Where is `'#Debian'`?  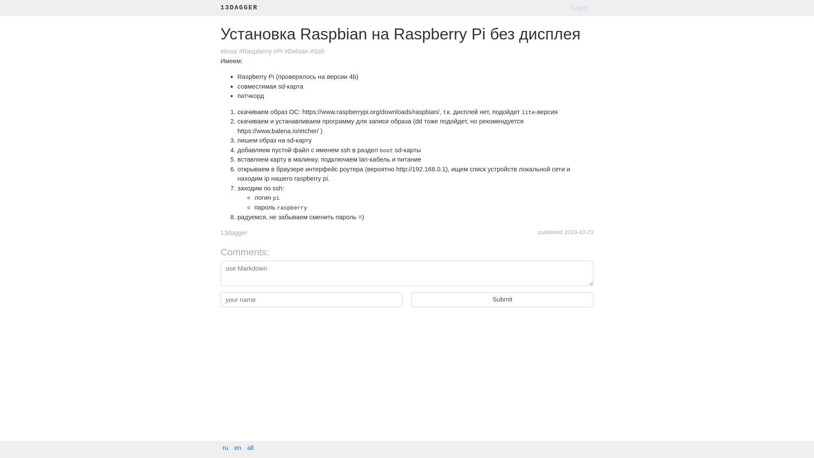
'#Debian' is located at coordinates (296, 51).